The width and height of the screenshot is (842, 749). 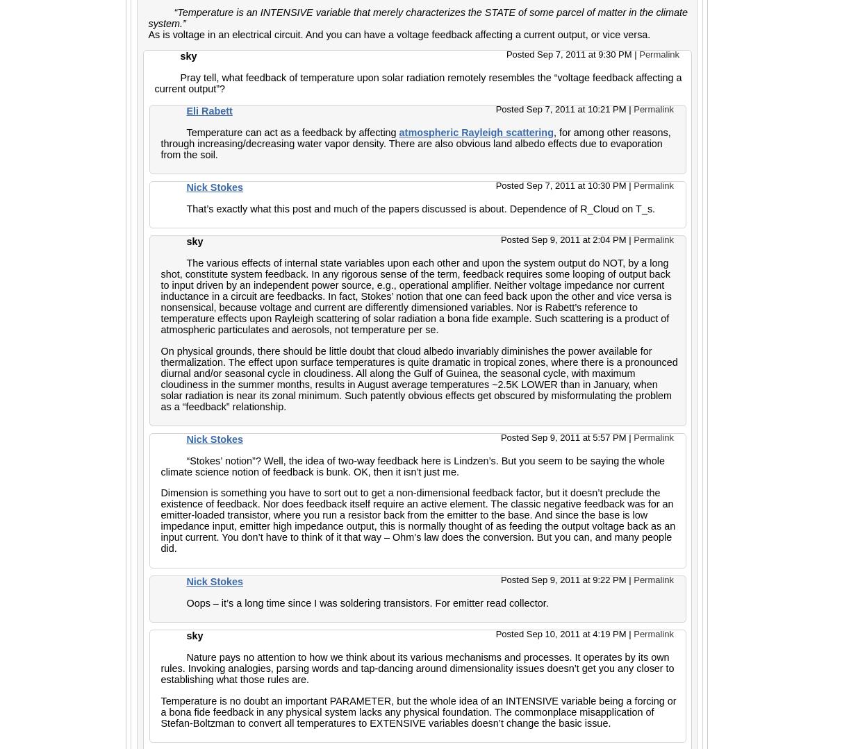 I want to click on 'Temperature is no doubt an important PARAMETER, but the whole idea of an INTENSIVE variable being a forcing or a bona fide feedback in any physical system lacks any physical foundation. The commonplace misapplication of Stefan-Boltzman to convert all temperatures to EXTENSIVE variables doesn’t change the basic issue.', so click(x=418, y=712).